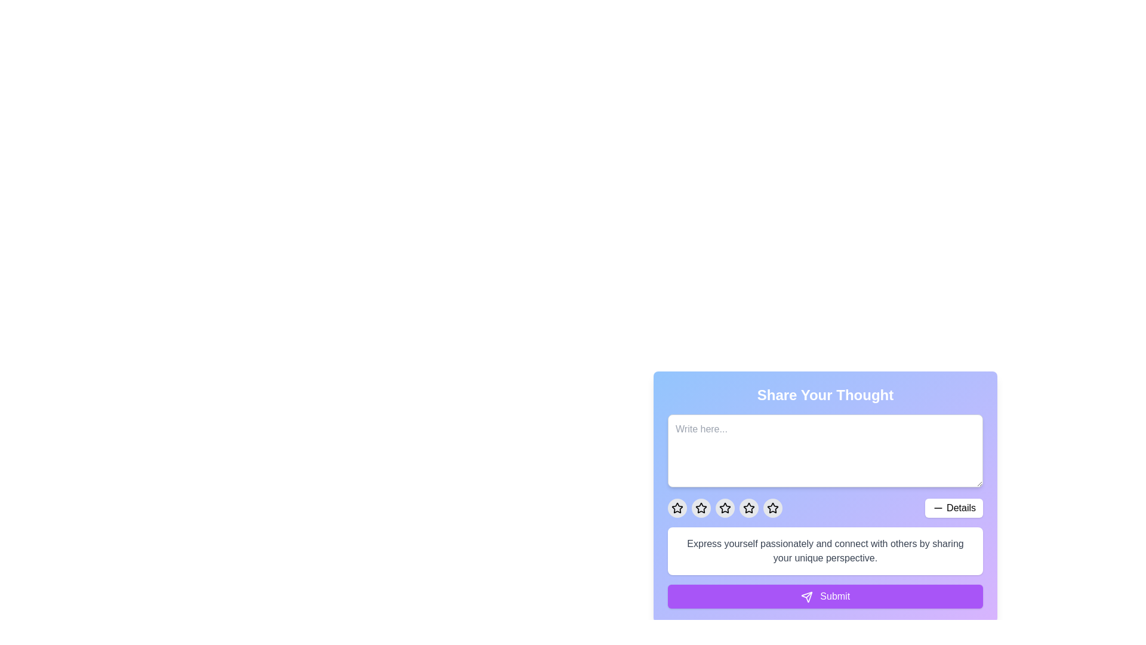  Describe the element at coordinates (724, 508) in the screenshot. I see `the second outlined star icon in the rating section, which is part of a group of five star icons below the 'Share Your Thought' text input area` at that location.